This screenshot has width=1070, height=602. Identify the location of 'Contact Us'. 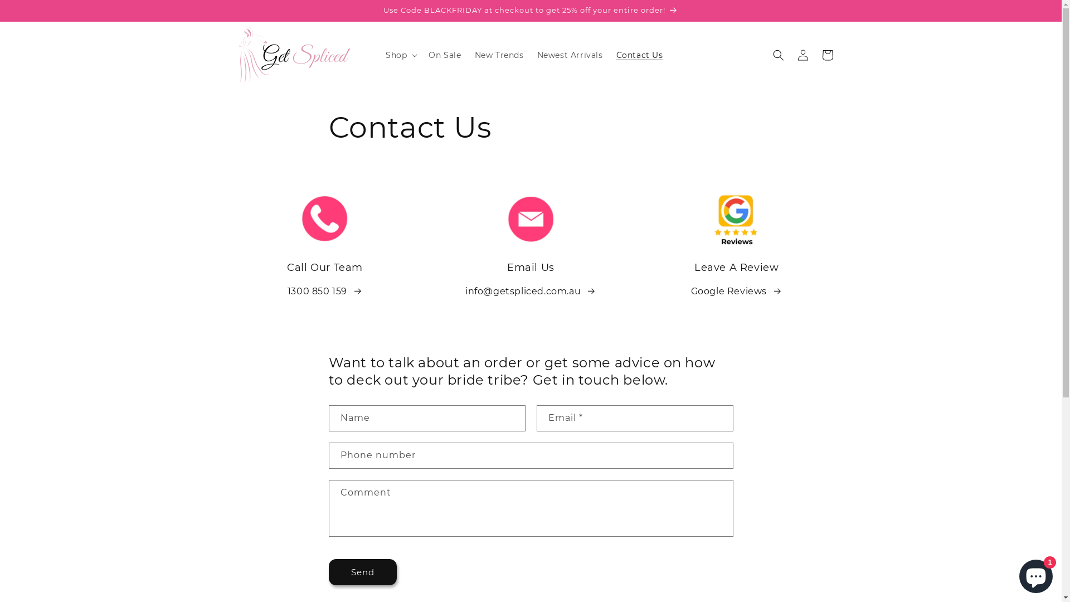
(639, 55).